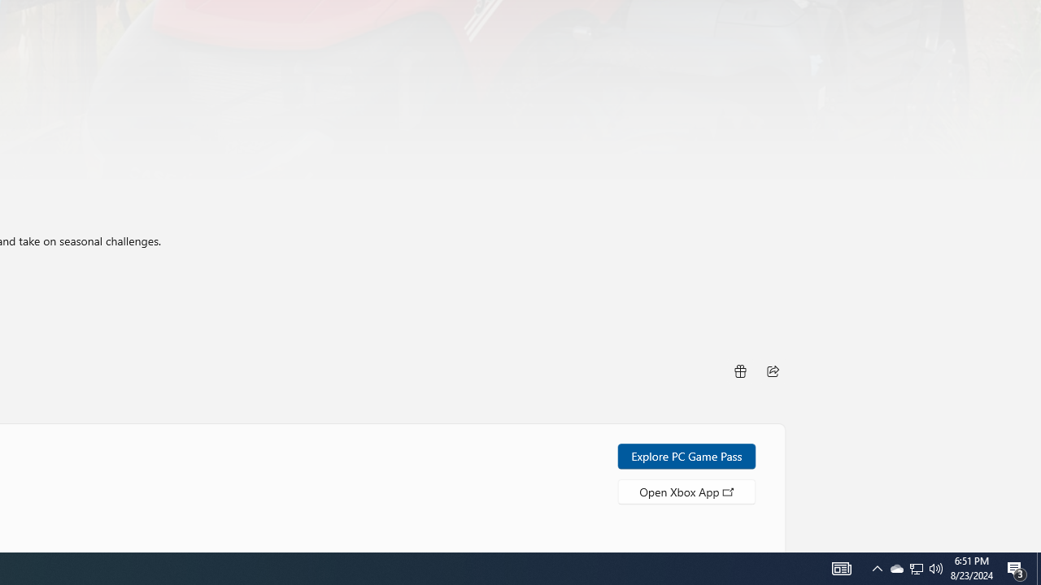 This screenshot has height=585, width=1041. I want to click on 'Vertical Small Increase', so click(1034, 546).